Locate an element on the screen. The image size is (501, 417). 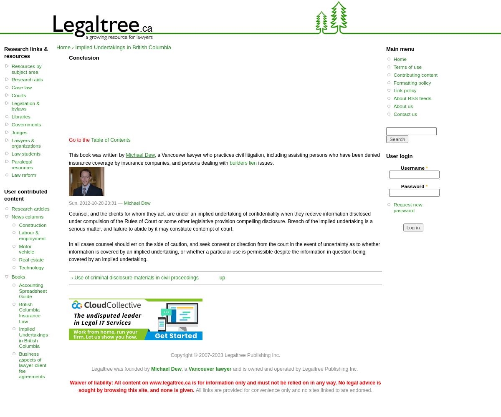
'Accounting Spreadsheet Guide' is located at coordinates (19, 290).